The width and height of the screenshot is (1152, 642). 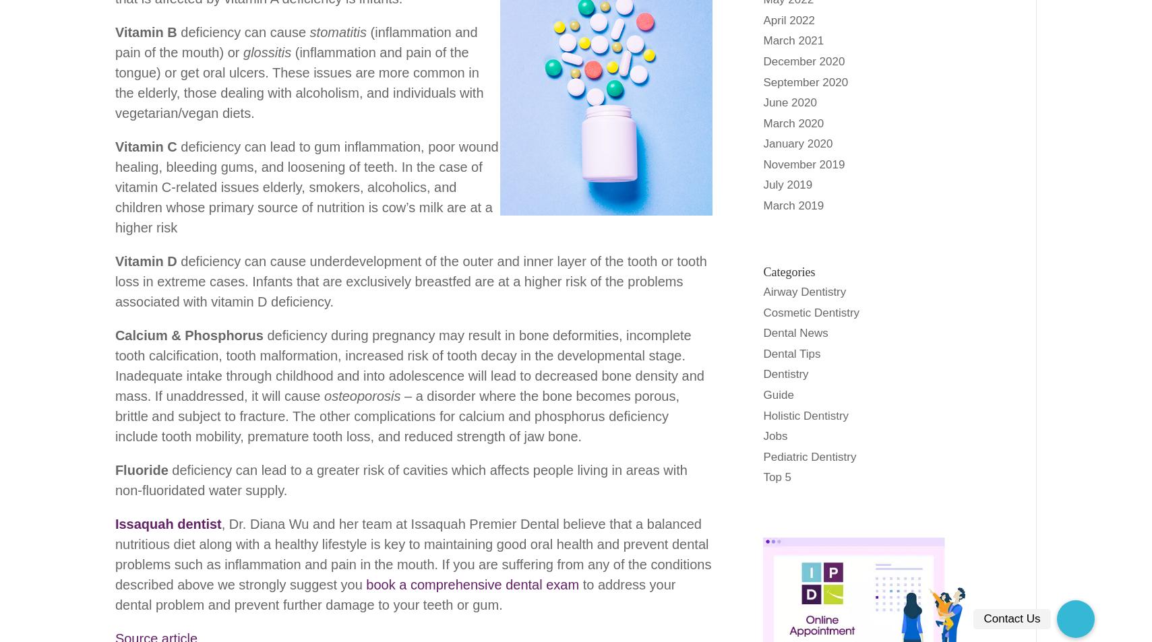 What do you see at coordinates (396, 415) in the screenshot?
I see `'– a disorder where the bone becomes porous, brittle and subject to fracture. The other complications for calcium and phosphorus deficiency include tooth mobility, premature tooth loss, and reduced strength of jaw bone.'` at bounding box center [396, 415].